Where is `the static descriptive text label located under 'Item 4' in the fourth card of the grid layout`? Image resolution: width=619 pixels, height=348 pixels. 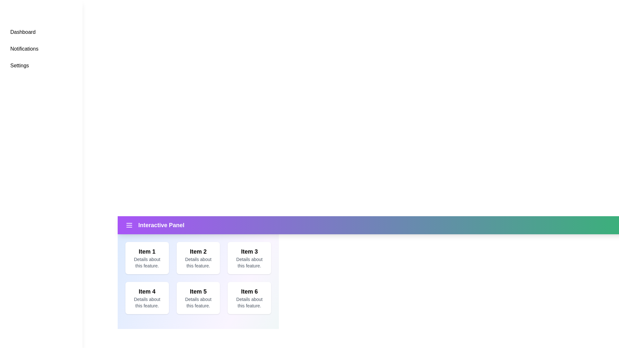 the static descriptive text label located under 'Item 4' in the fourth card of the grid layout is located at coordinates (147, 302).